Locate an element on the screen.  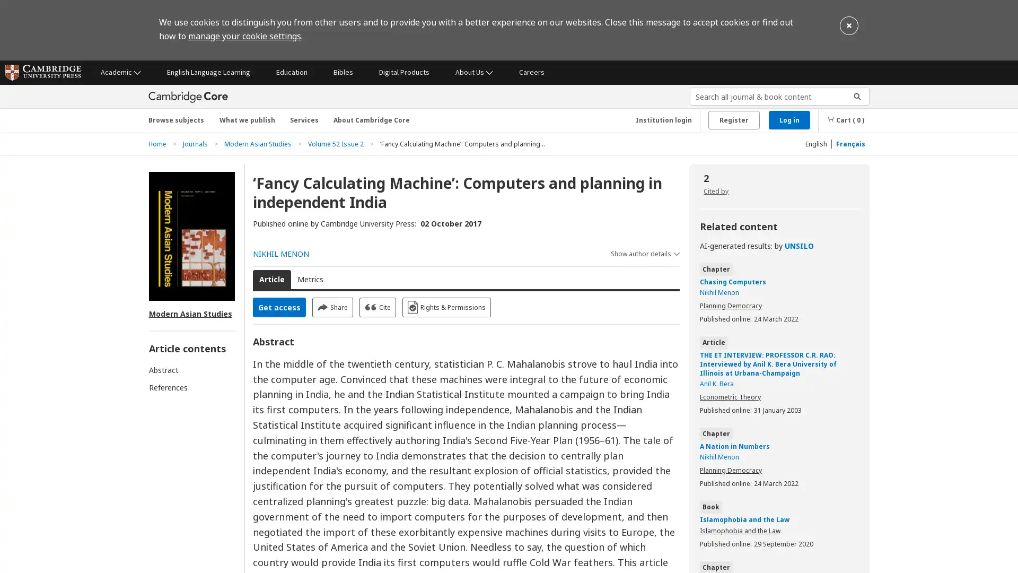
Share is located at coordinates (331, 307).